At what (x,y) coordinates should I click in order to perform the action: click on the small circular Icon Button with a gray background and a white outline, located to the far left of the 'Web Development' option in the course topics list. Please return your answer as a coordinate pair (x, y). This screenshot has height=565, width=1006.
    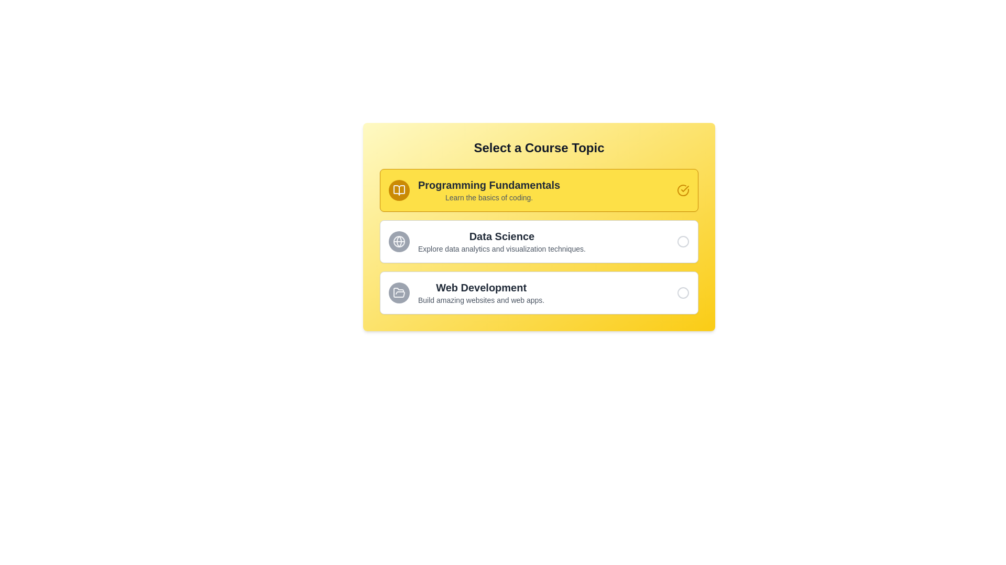
    Looking at the image, I should click on (399, 292).